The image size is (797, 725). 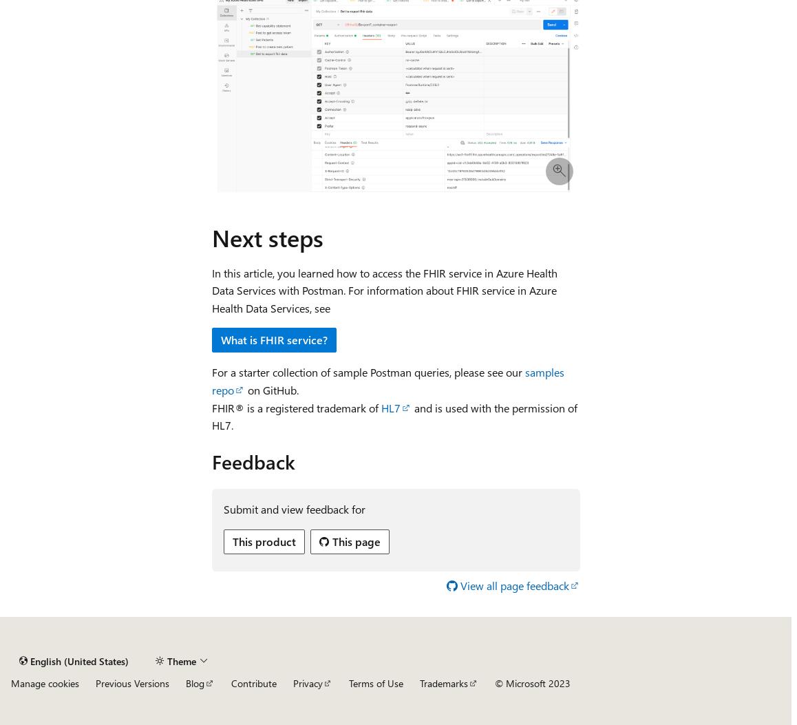 I want to click on 'samples repo', so click(x=387, y=380).